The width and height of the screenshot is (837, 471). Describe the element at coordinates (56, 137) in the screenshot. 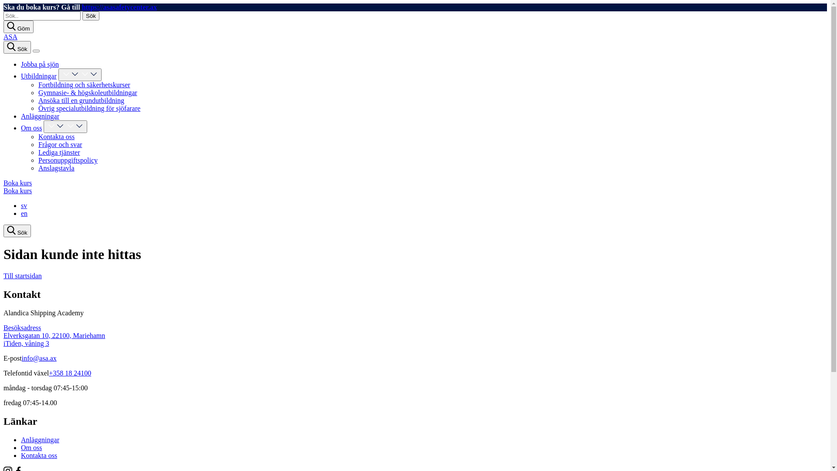

I see `'Kontakta oss'` at that location.